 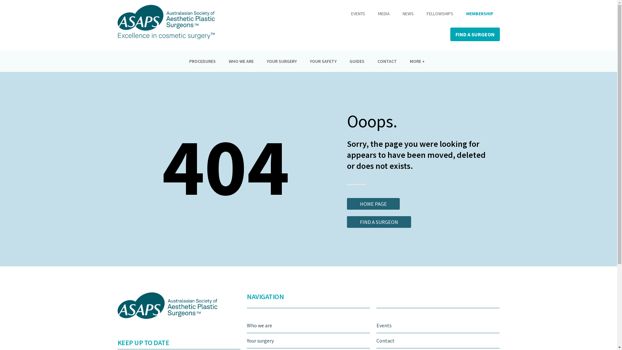 What do you see at coordinates (373, 203) in the screenshot?
I see `'HOME PAGE'` at bounding box center [373, 203].